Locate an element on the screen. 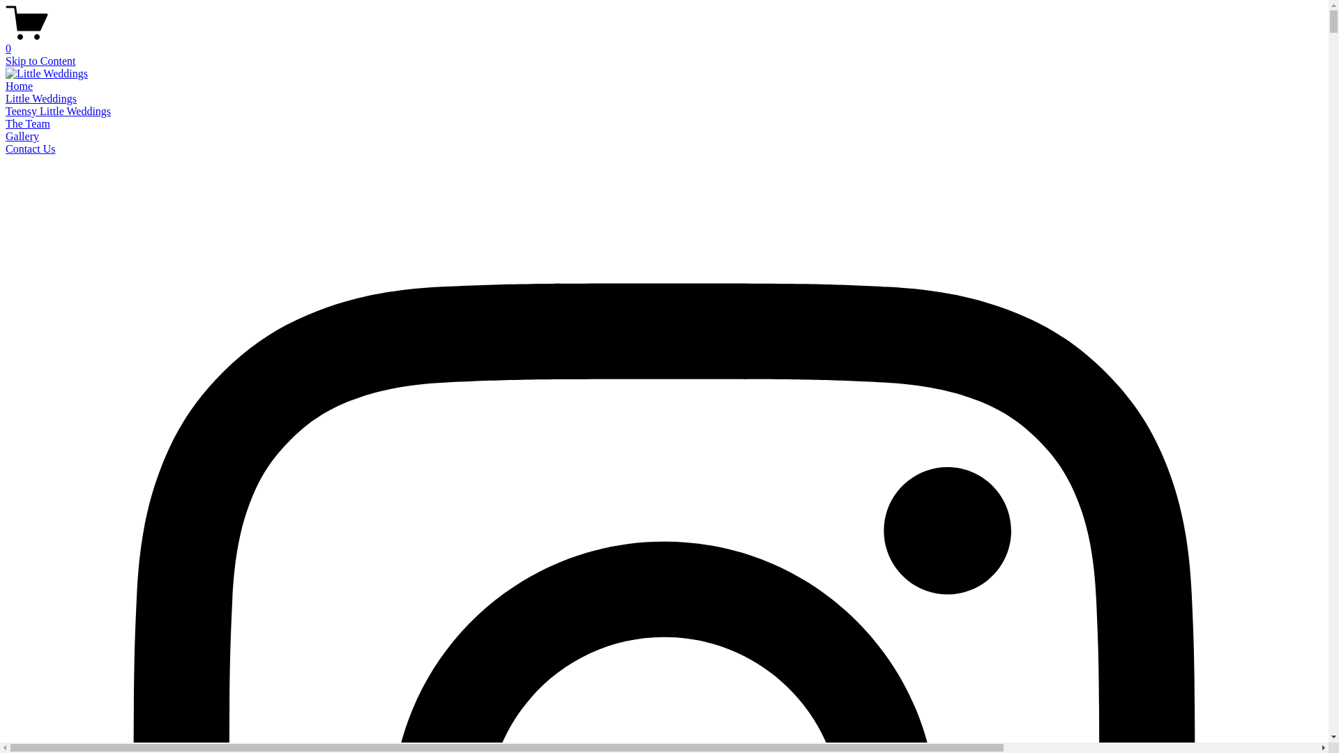 The width and height of the screenshot is (1339, 753). 'Teensy Little Weddings' is located at coordinates (57, 110).